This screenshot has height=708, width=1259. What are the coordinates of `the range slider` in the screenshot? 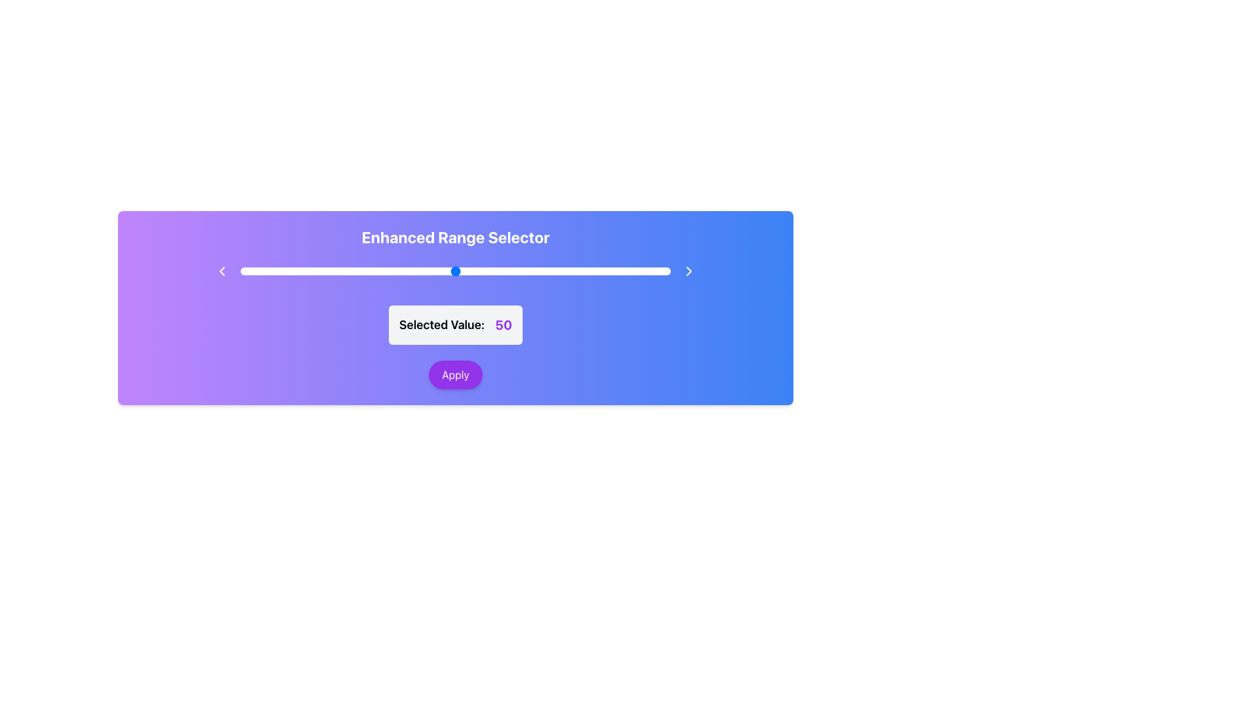 It's located at (270, 270).